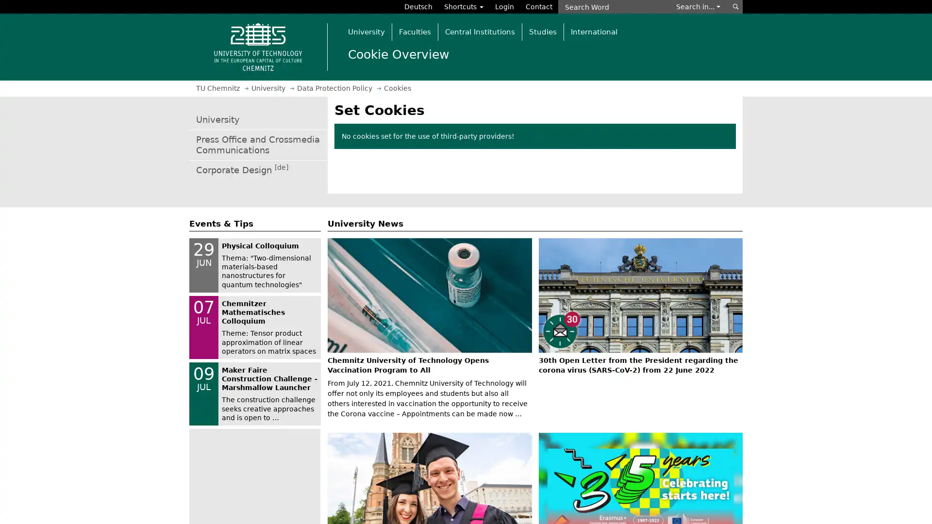 The height and width of the screenshot is (524, 932). I want to click on Central Institutions, so click(480, 31).